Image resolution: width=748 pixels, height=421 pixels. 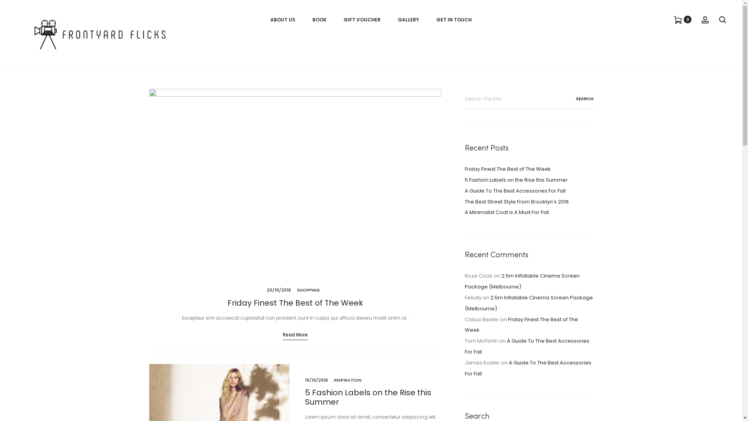 What do you see at coordinates (454, 19) in the screenshot?
I see `'GET IN TOUCH'` at bounding box center [454, 19].